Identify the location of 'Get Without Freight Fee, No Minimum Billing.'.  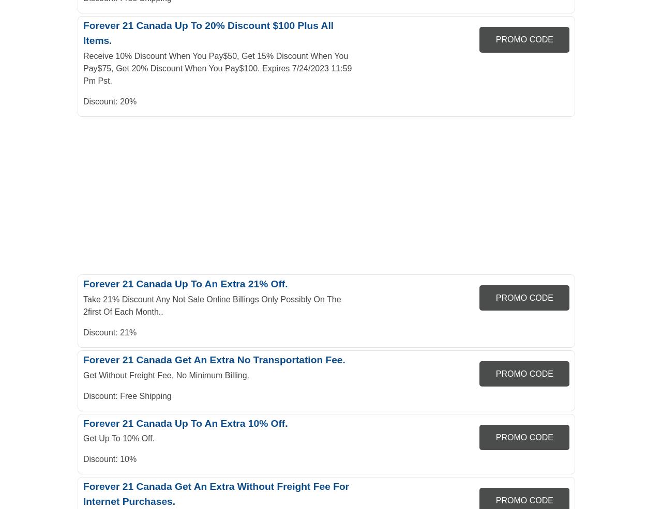
(166, 375).